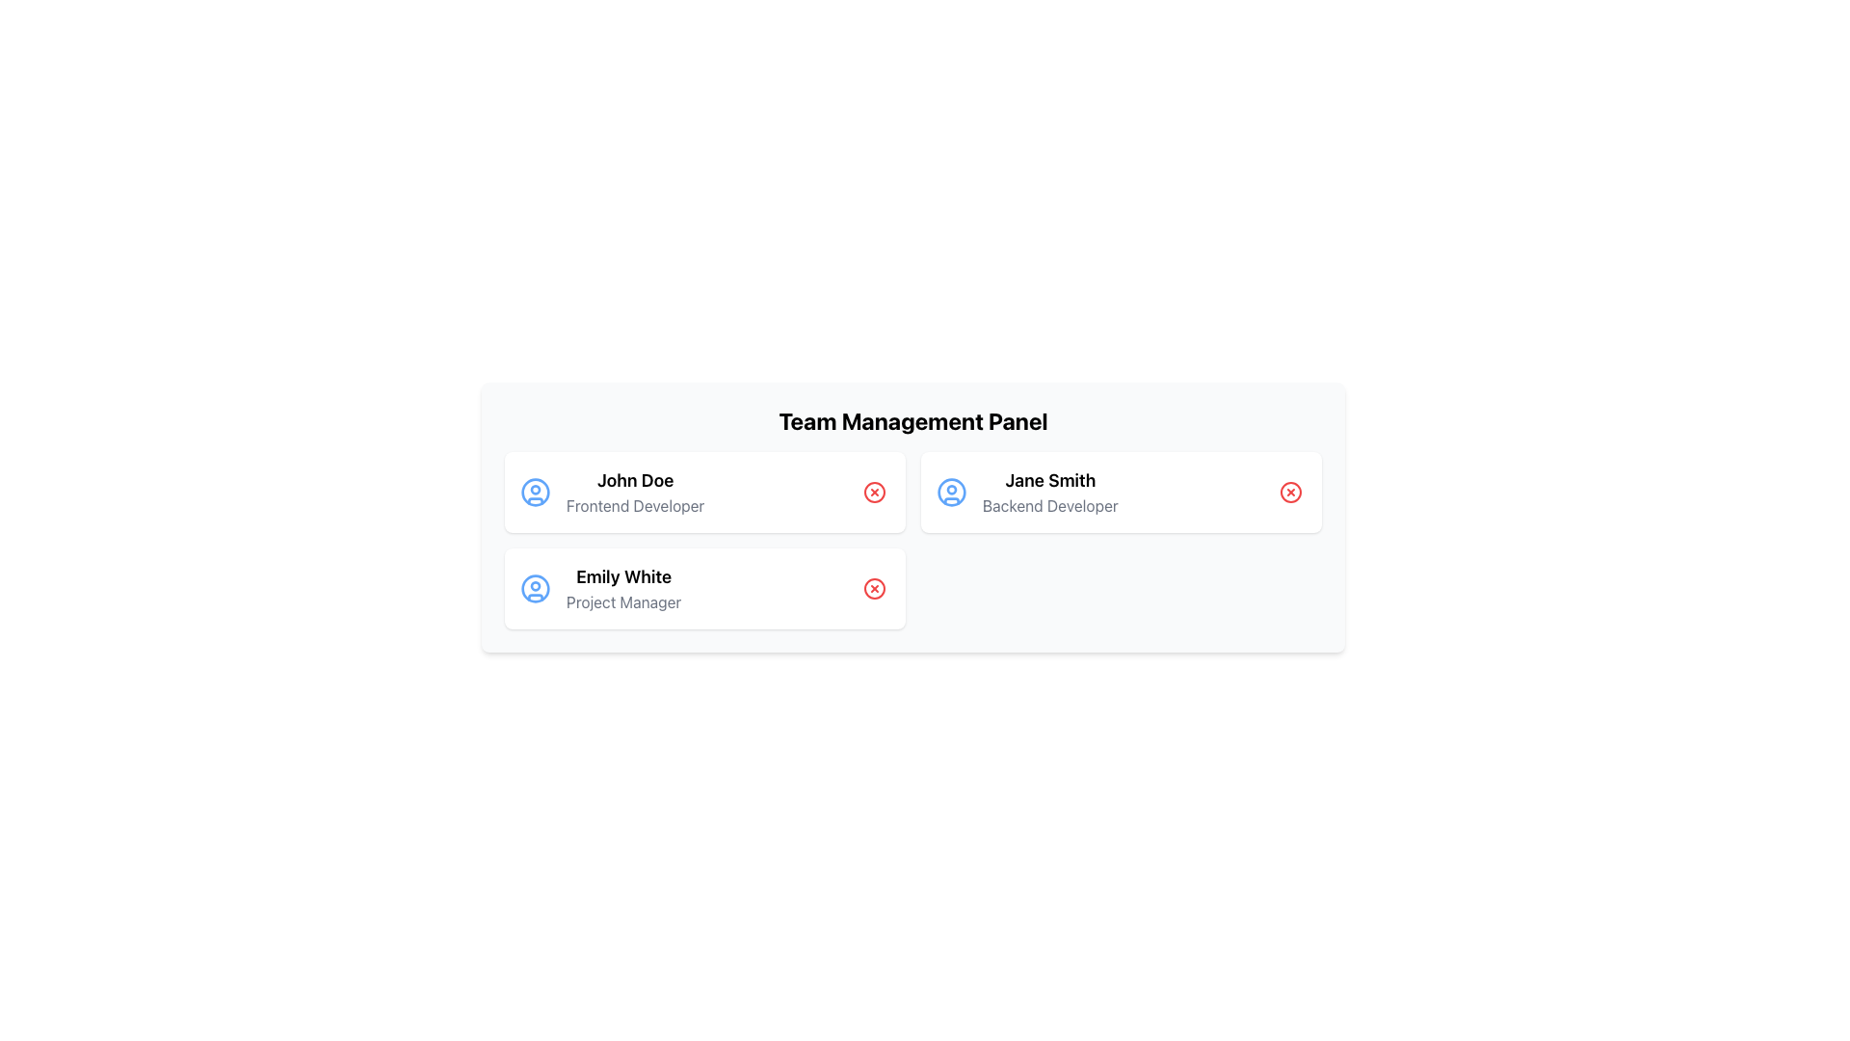 The width and height of the screenshot is (1850, 1041). What do you see at coordinates (1290, 491) in the screenshot?
I see `the Close or delete button next to the entry for 'Jane Smith, Backend Developer'` at bounding box center [1290, 491].